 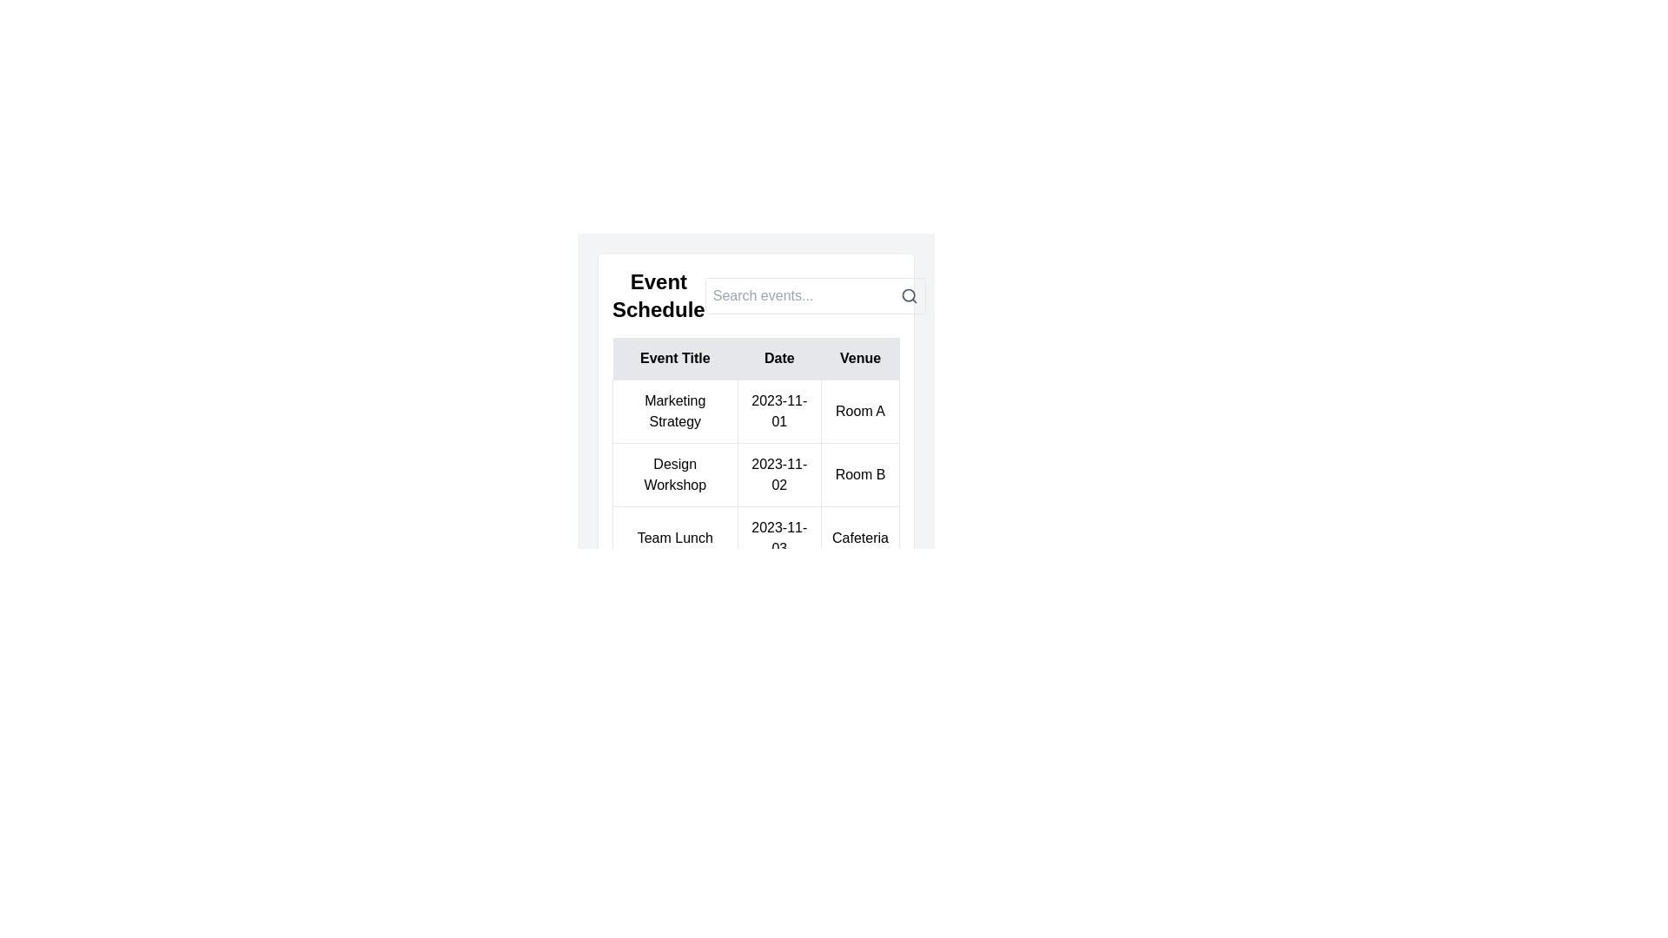 I want to click on the first row in the 'Event Schedule' table, which displays details about a particular event including its title, date, and location, so click(x=756, y=412).